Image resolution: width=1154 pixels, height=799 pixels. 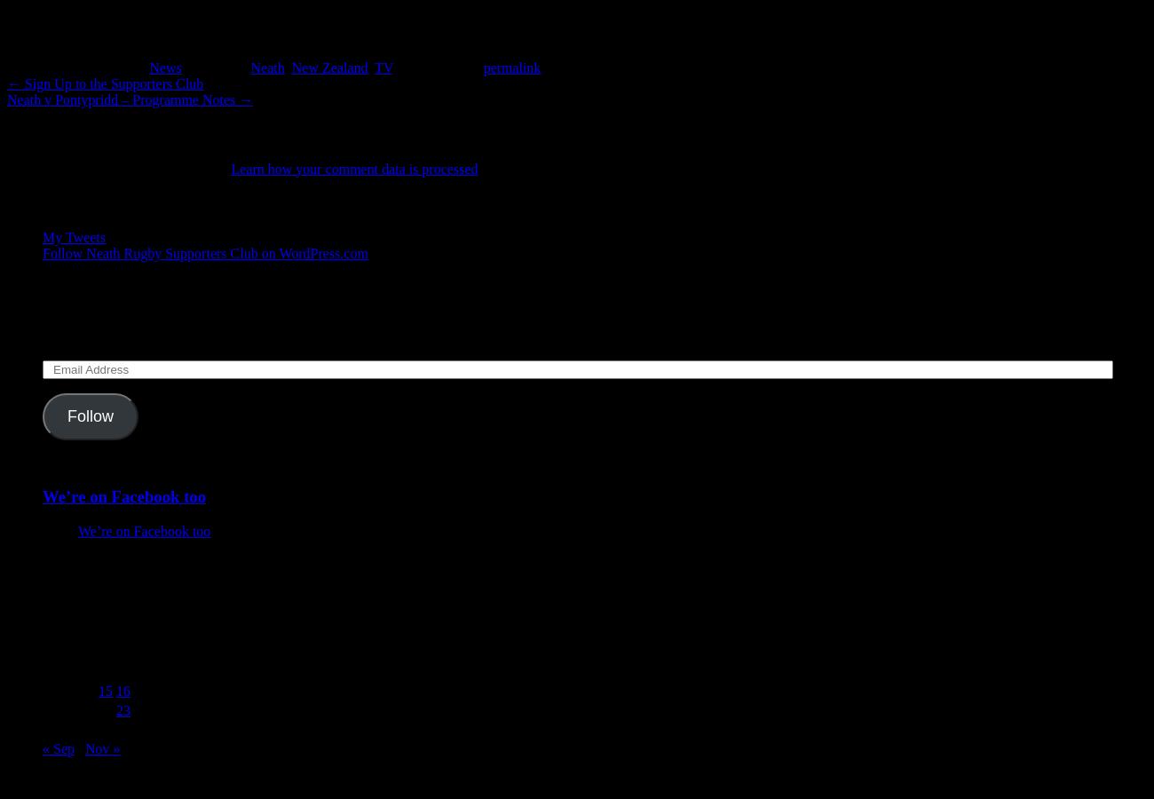 I want to click on 'Follow us on Twitter', so click(x=115, y=202).